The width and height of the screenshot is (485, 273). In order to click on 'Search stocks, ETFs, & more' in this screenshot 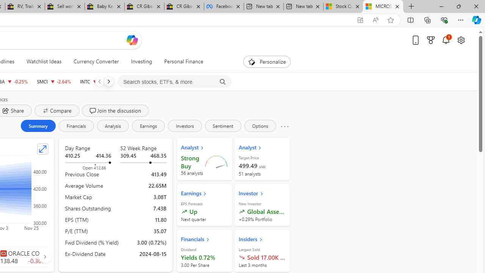, I will do `click(174, 82)`.